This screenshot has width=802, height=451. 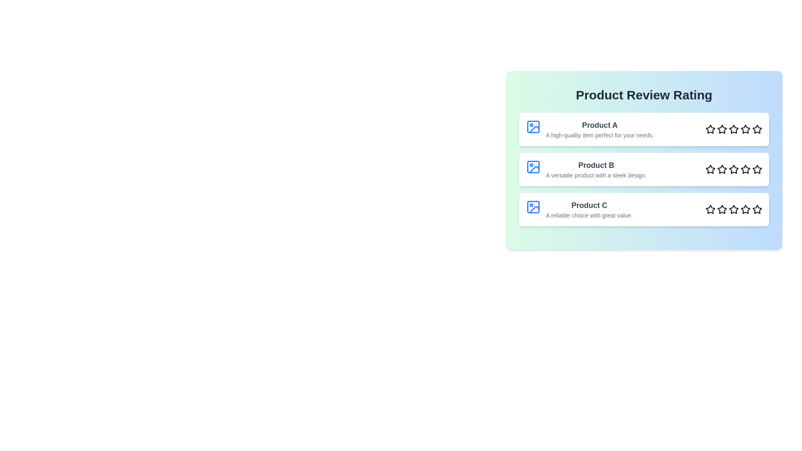 I want to click on the image of Product A, so click(x=533, y=127).